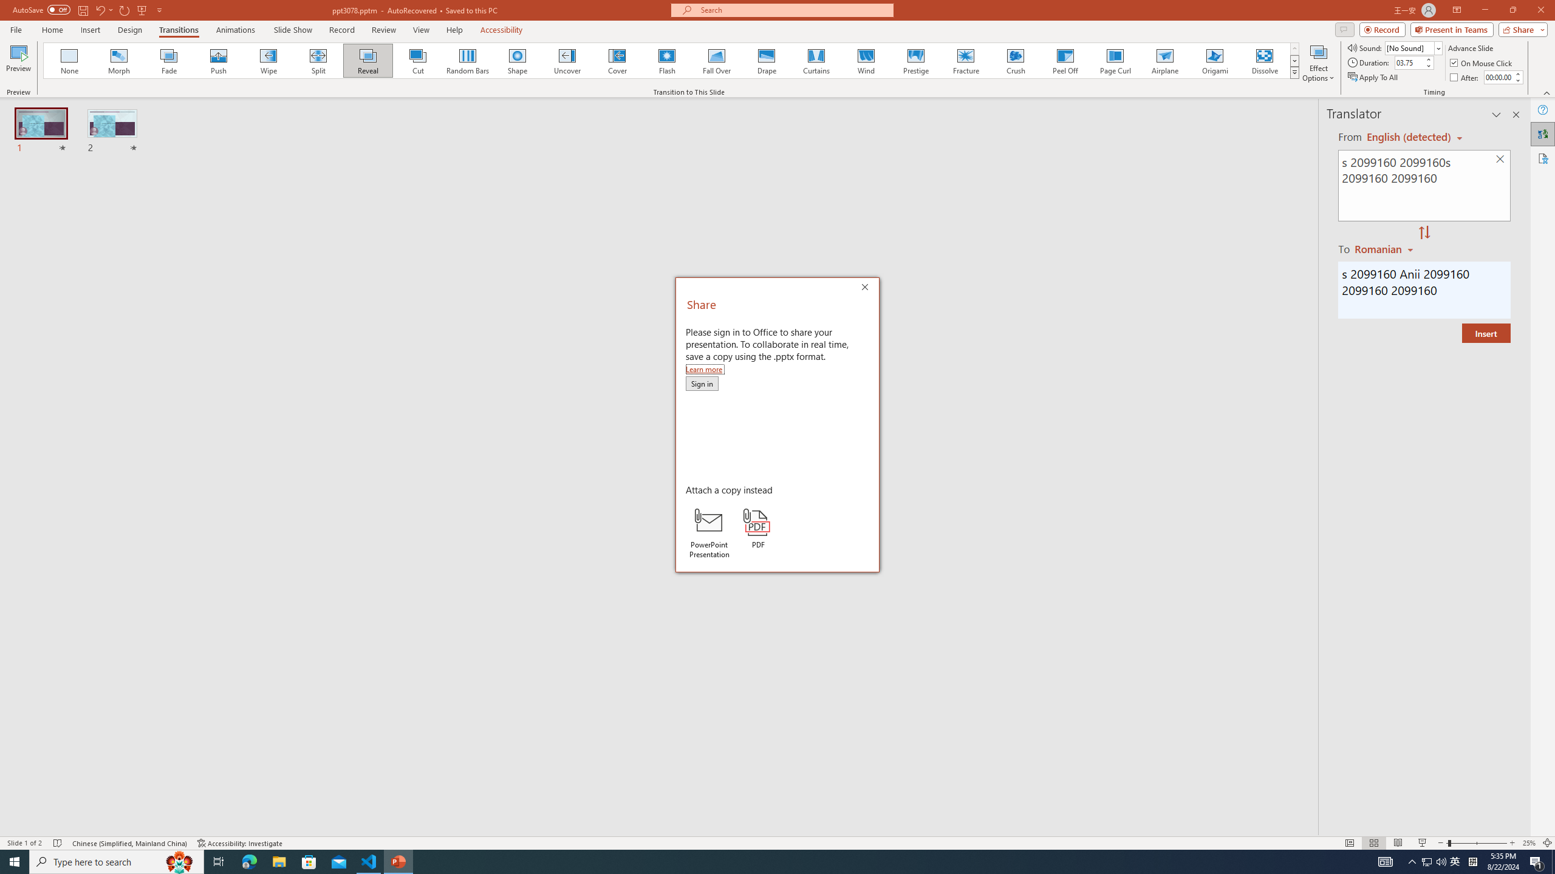 Image resolution: width=1555 pixels, height=874 pixels. Describe the element at coordinates (1413, 47) in the screenshot. I see `'Sound'` at that location.